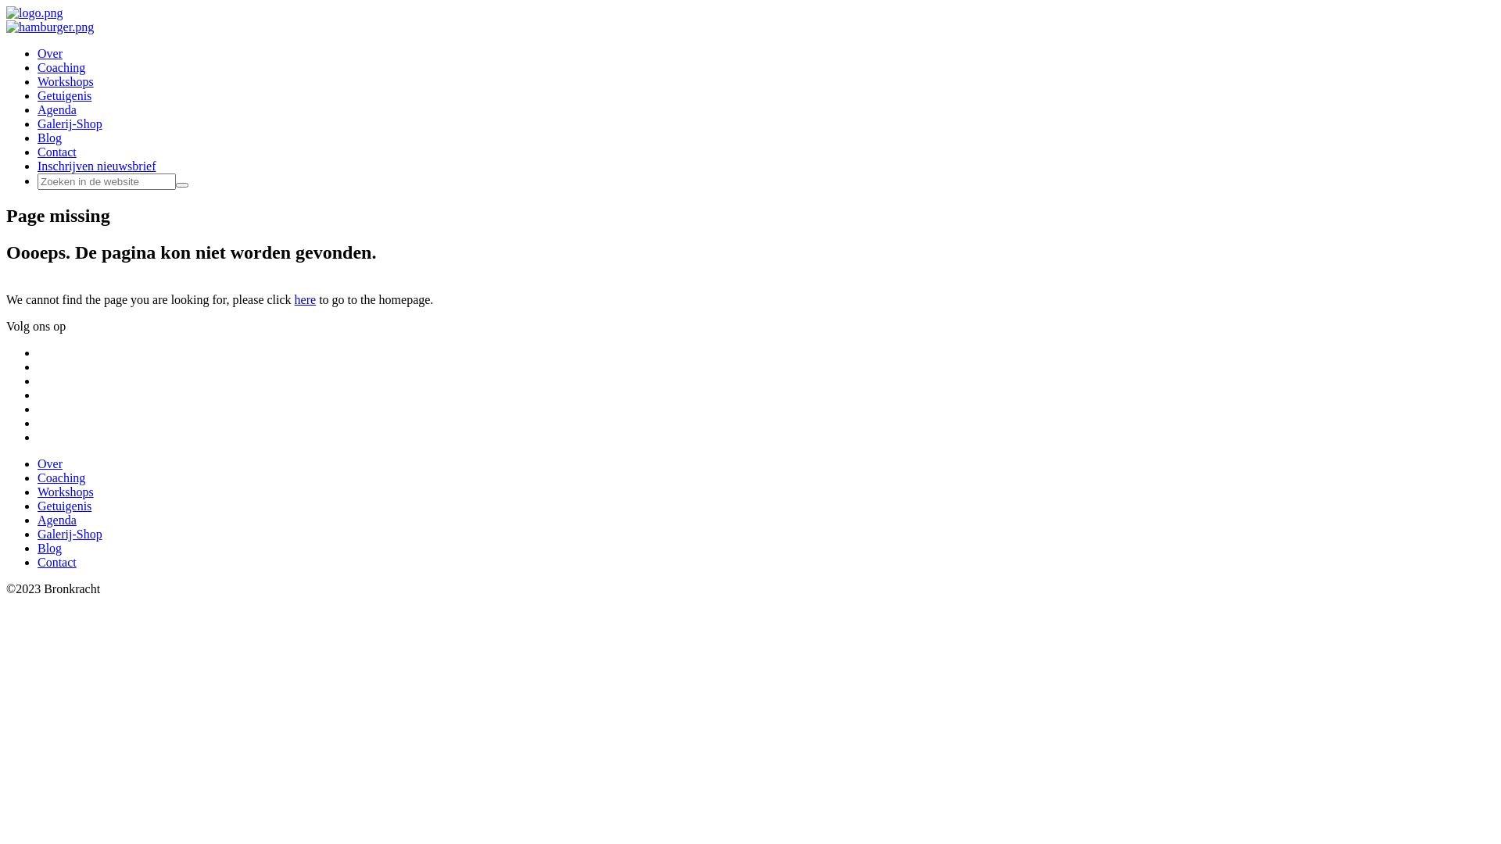 The height and width of the screenshot is (844, 1501). What do you see at coordinates (49, 137) in the screenshot?
I see `'Blog'` at bounding box center [49, 137].